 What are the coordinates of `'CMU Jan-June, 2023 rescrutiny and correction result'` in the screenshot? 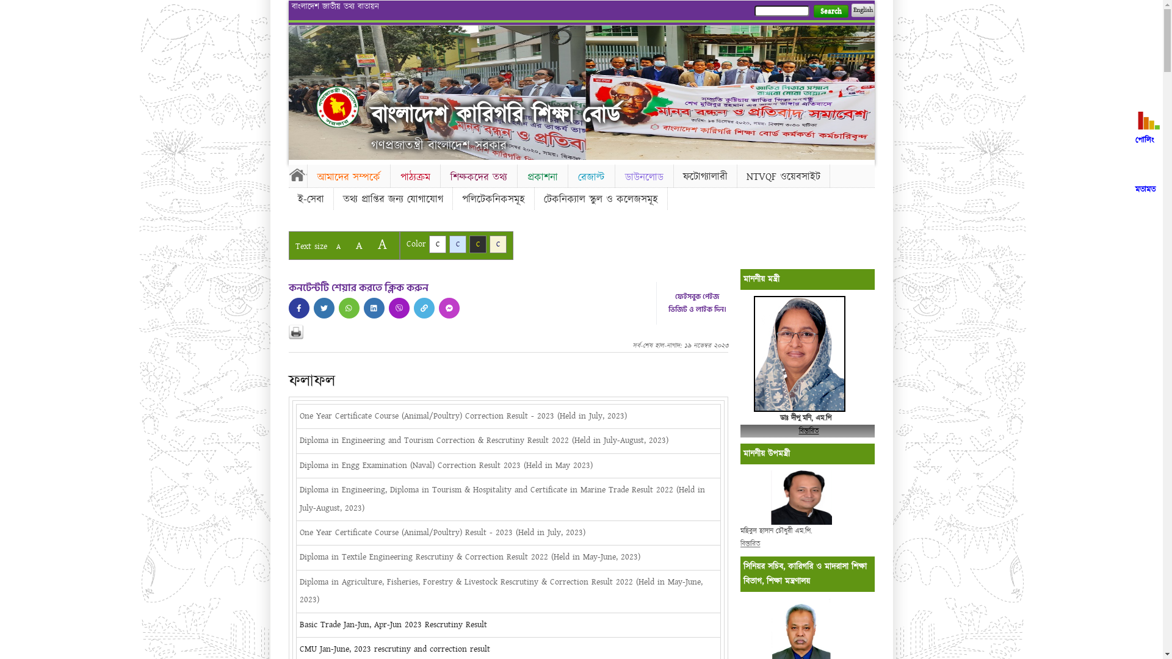 It's located at (298, 649).